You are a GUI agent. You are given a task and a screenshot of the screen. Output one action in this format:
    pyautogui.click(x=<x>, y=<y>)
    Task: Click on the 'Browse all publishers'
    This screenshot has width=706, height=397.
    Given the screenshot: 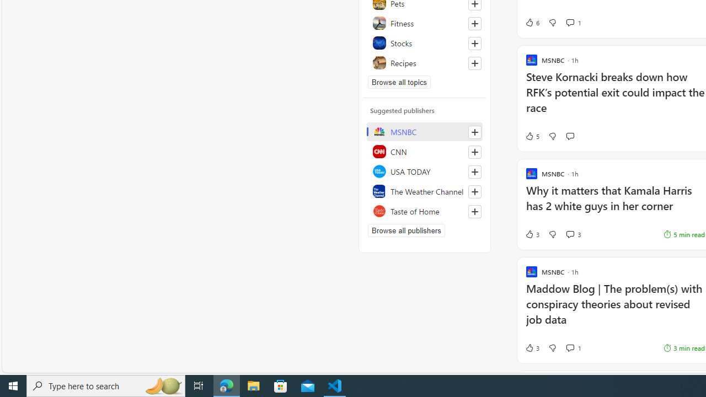 What is the action you would take?
    pyautogui.click(x=405, y=229)
    